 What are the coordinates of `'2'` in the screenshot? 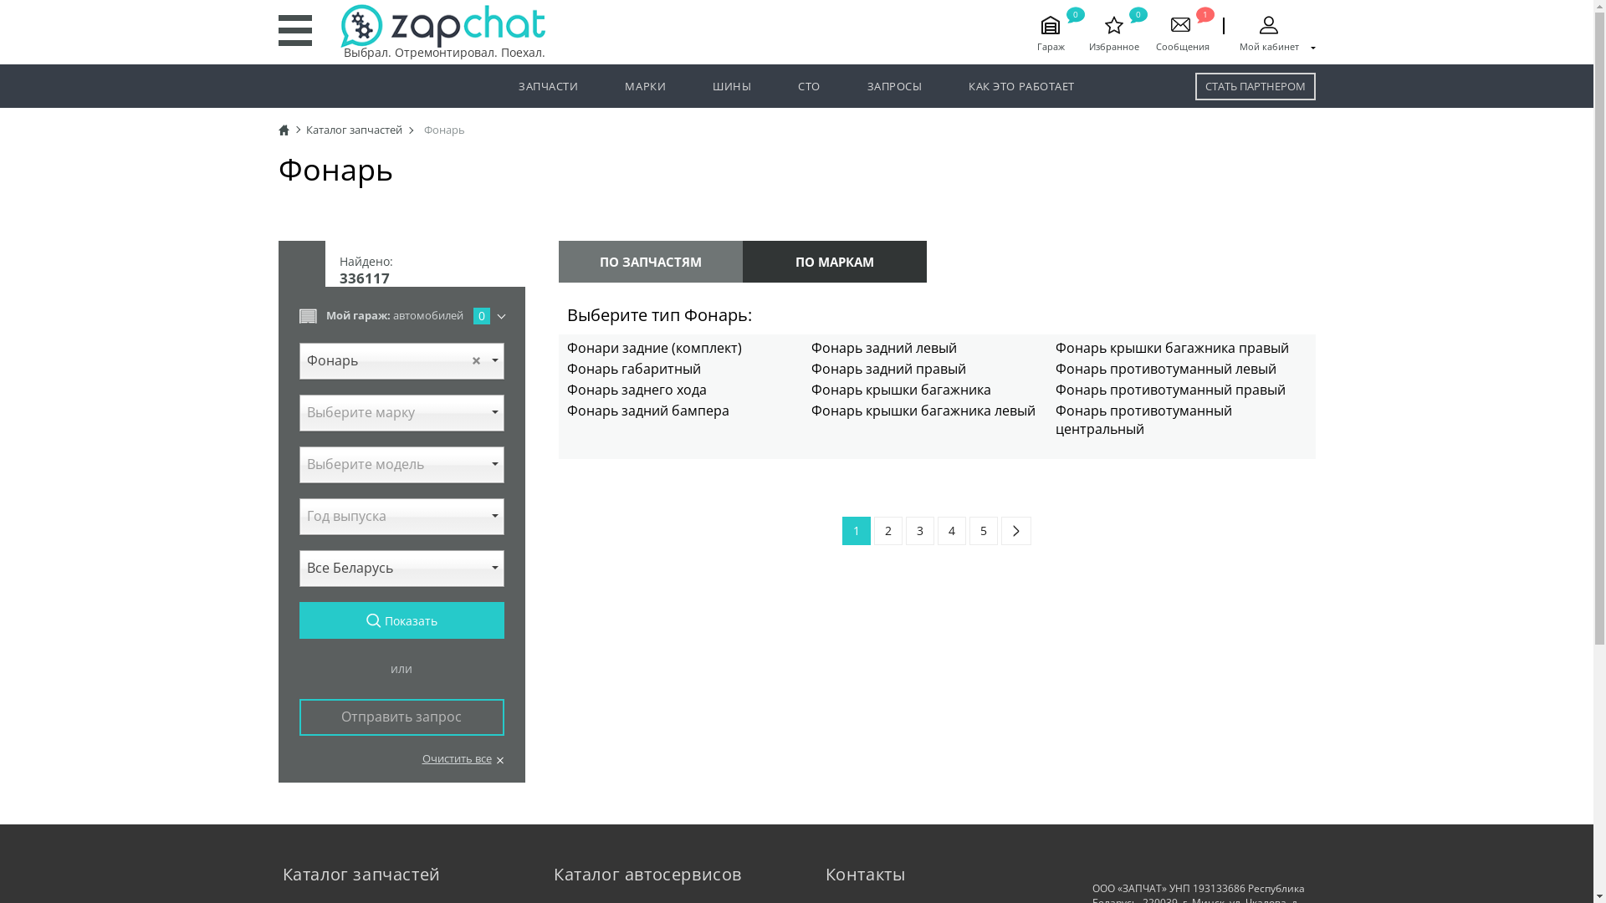 It's located at (873, 531).